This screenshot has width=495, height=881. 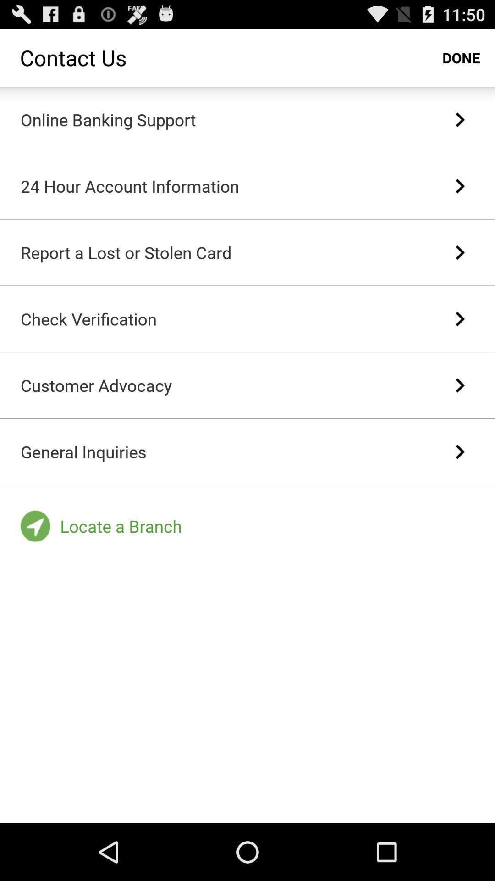 I want to click on the general inquiries item, so click(x=83, y=452).